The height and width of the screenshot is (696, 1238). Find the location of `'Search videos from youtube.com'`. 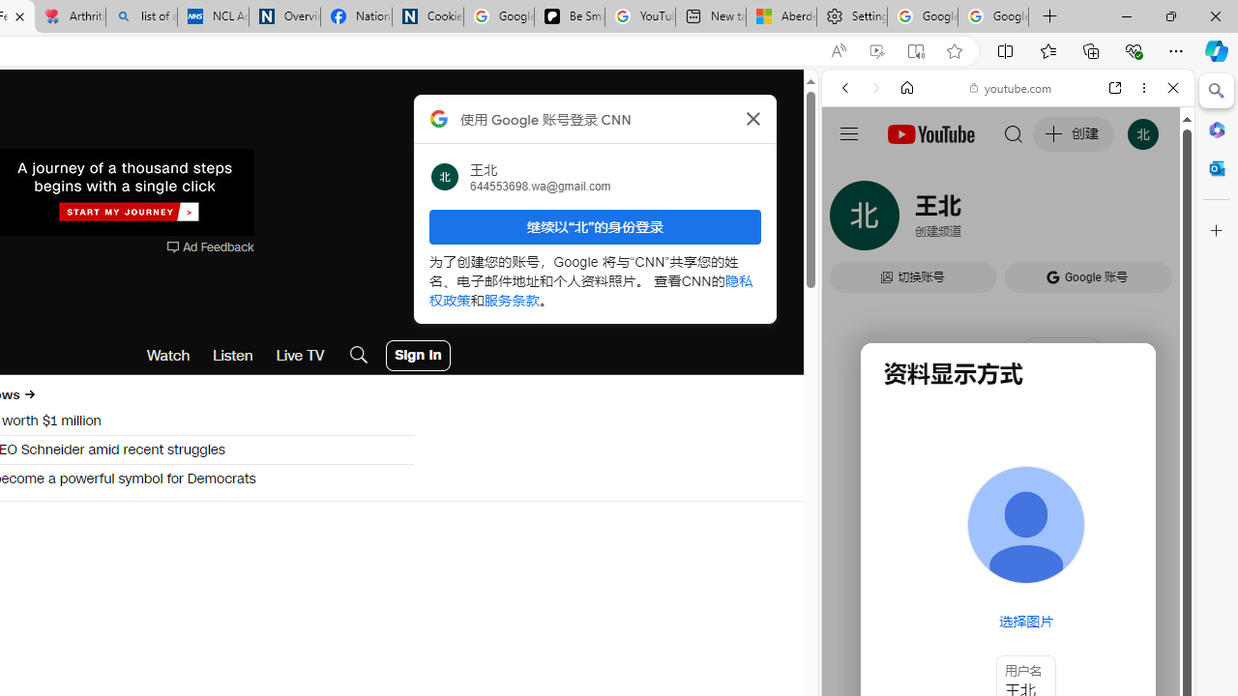

'Search videos from youtube.com' is located at coordinates (973, 636).